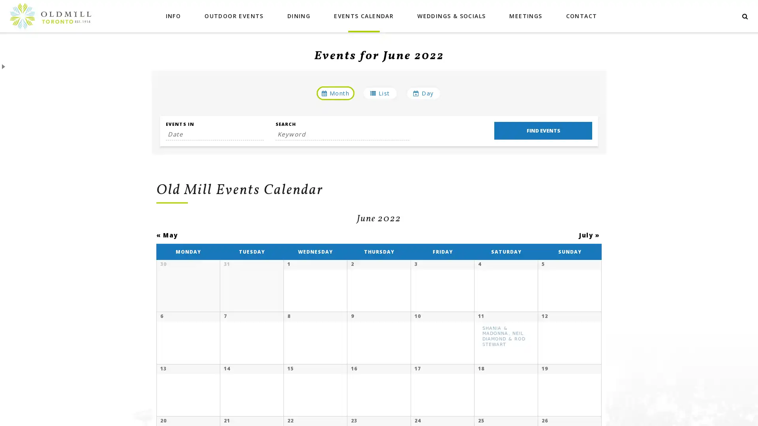  I want to click on Find Events, so click(542, 130).